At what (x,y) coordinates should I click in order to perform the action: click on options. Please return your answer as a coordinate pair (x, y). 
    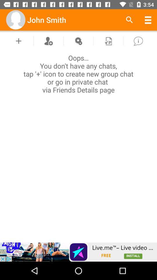
    Looking at the image, I should click on (78, 41).